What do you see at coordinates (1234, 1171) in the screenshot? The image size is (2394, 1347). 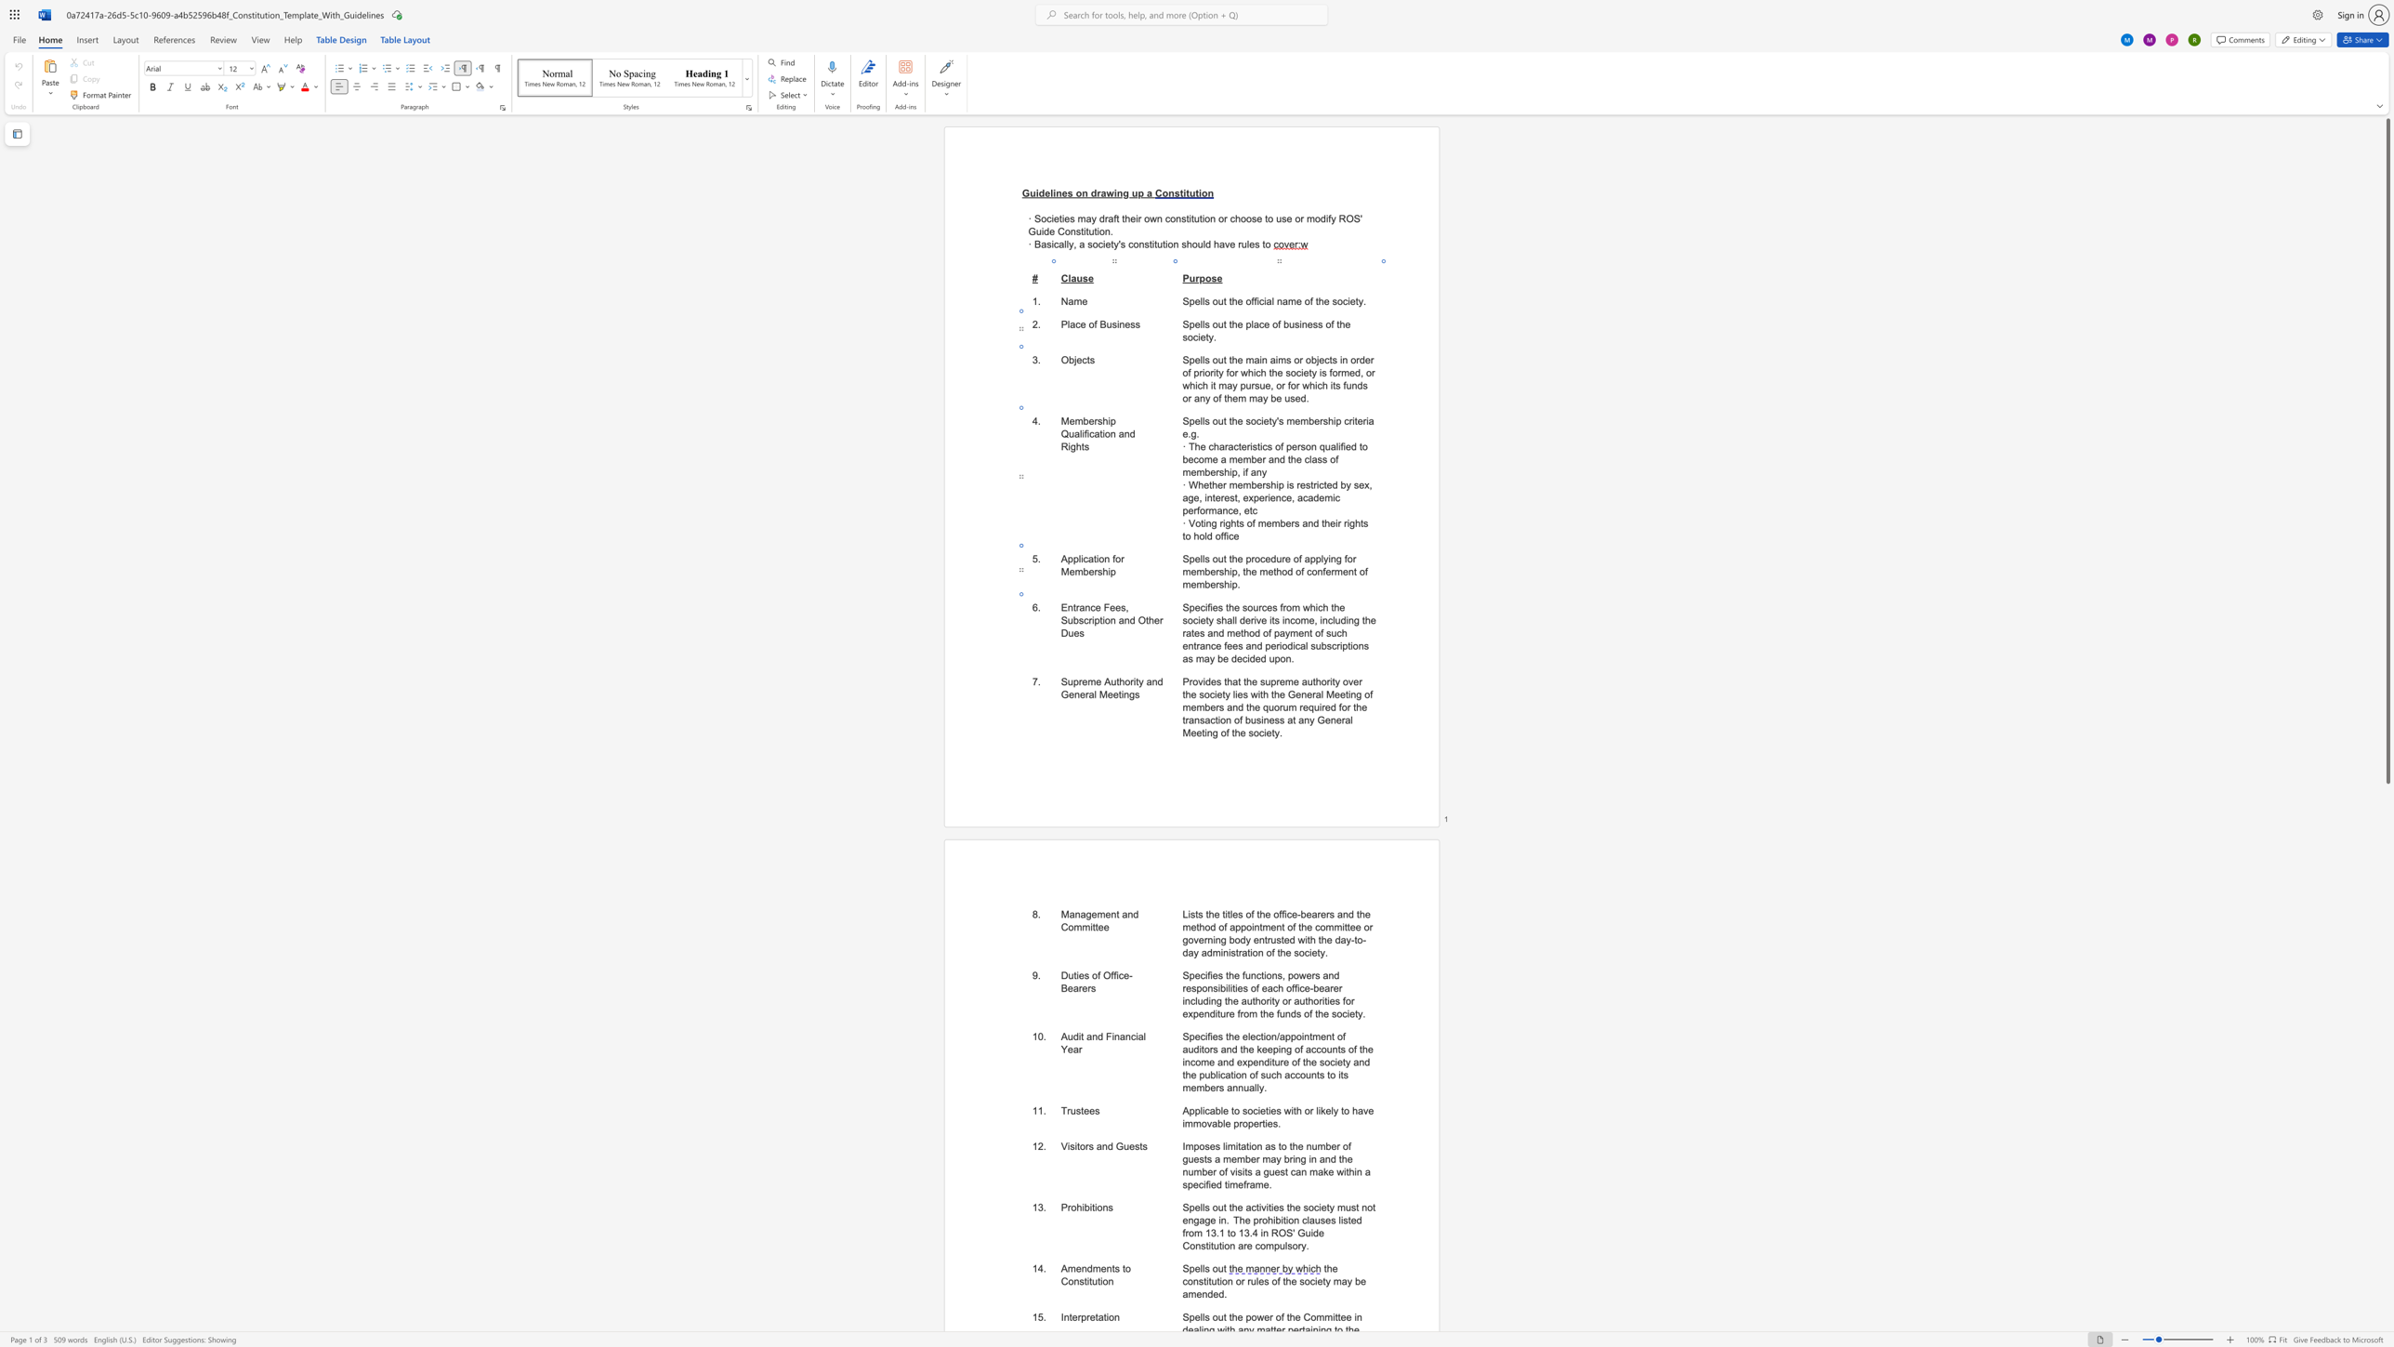 I see `the space between the continuous character "v" and "i" in the text` at bounding box center [1234, 1171].